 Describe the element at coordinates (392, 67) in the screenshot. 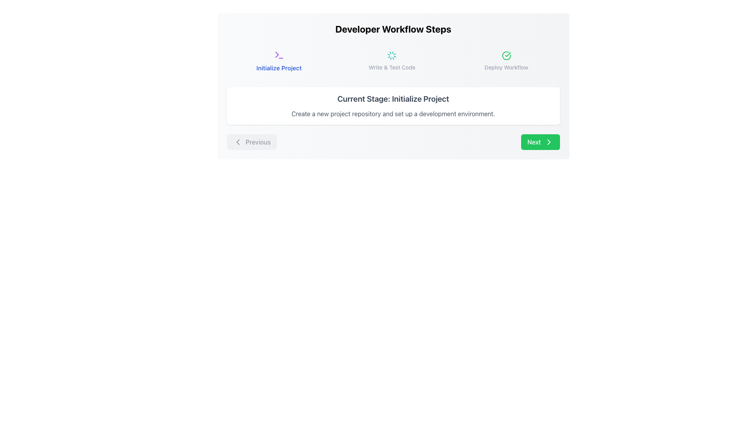

I see `the text label that reads 'Write & Test Code', which is styled in gray and located below a spinning icon indicating processing` at that location.